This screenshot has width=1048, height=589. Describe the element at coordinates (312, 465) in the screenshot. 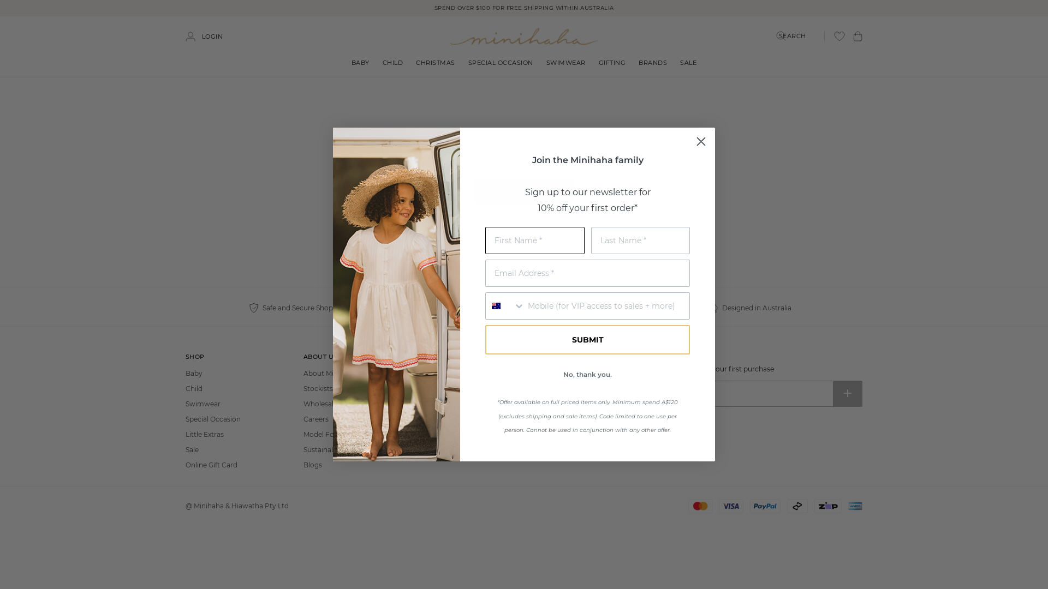

I see `'Blogs'` at that location.